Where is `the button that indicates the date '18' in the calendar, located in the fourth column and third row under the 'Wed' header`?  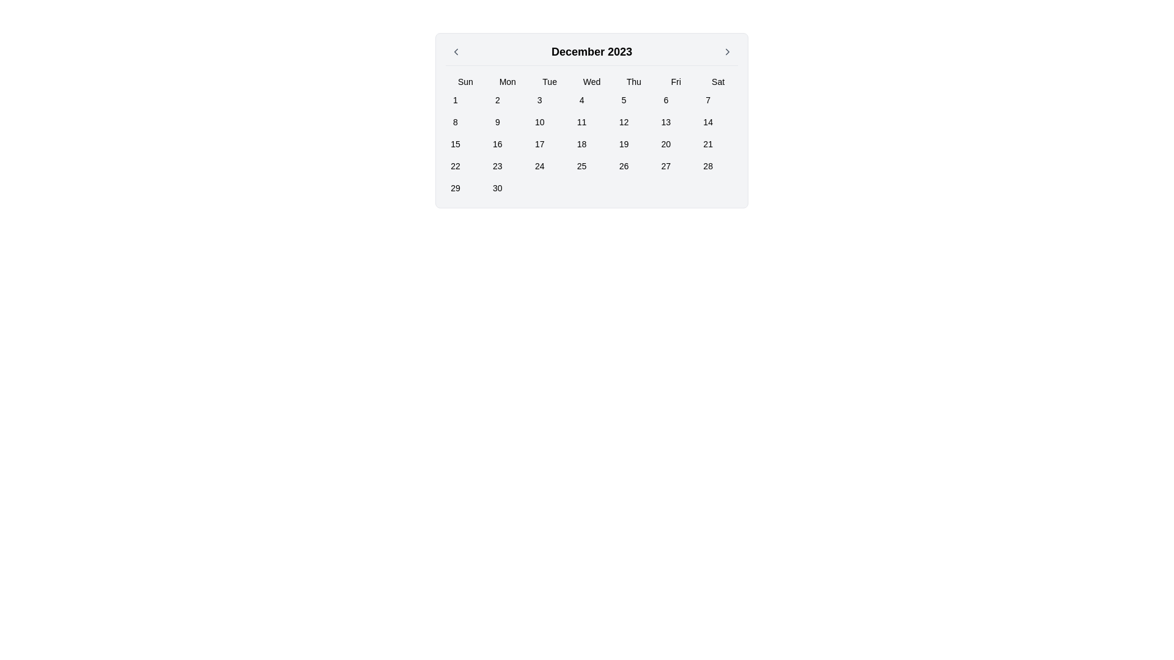
the button that indicates the date '18' in the calendar, located in the fourth column and third row under the 'Wed' header is located at coordinates (581, 143).